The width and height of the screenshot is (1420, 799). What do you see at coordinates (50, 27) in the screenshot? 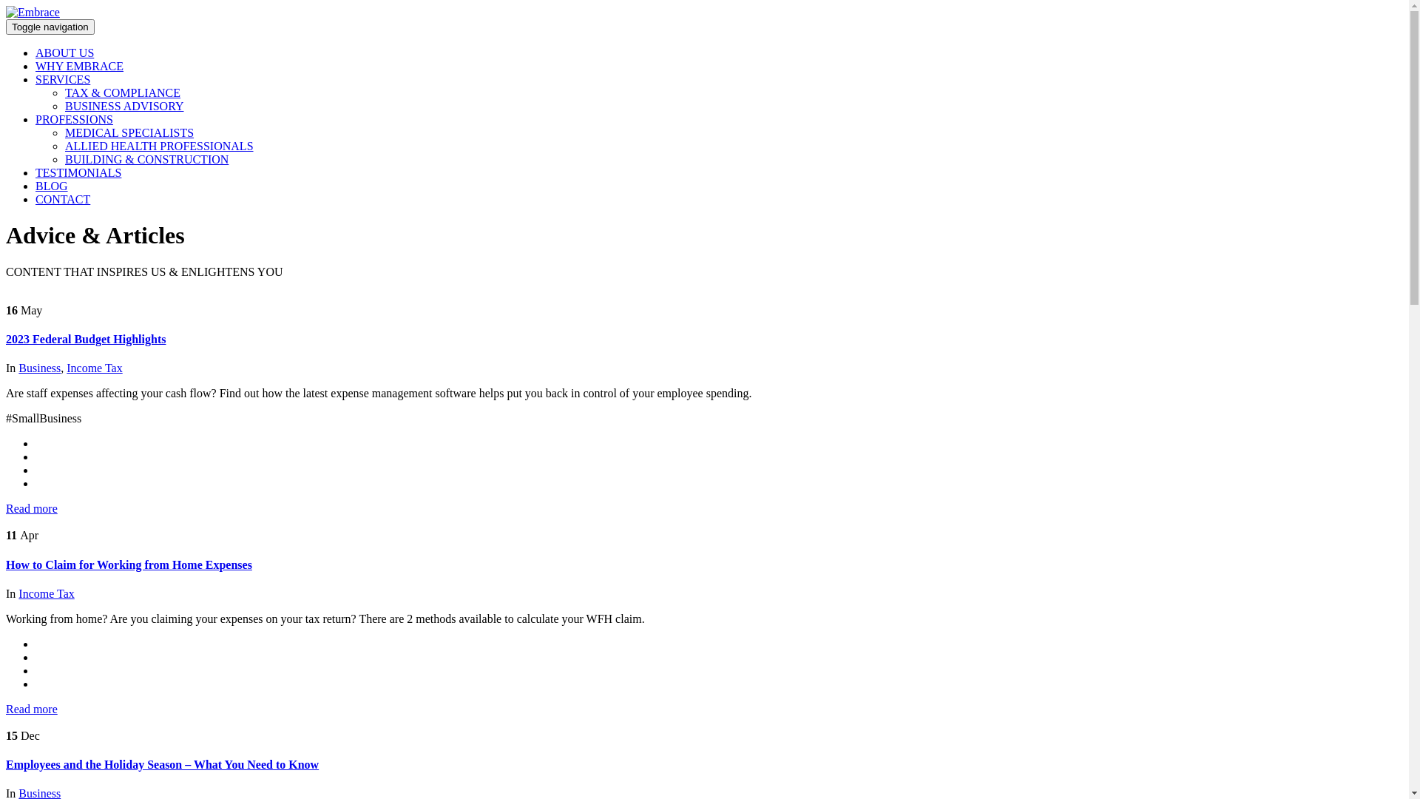
I see `'Toggle navigation'` at bounding box center [50, 27].